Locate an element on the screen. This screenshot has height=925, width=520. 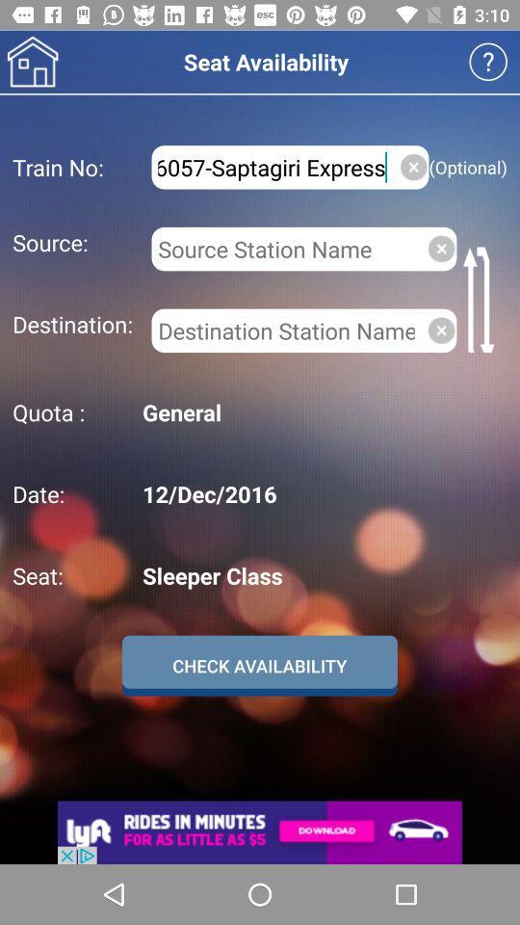
icon to the right of quota : item is located at coordinates (322, 412).